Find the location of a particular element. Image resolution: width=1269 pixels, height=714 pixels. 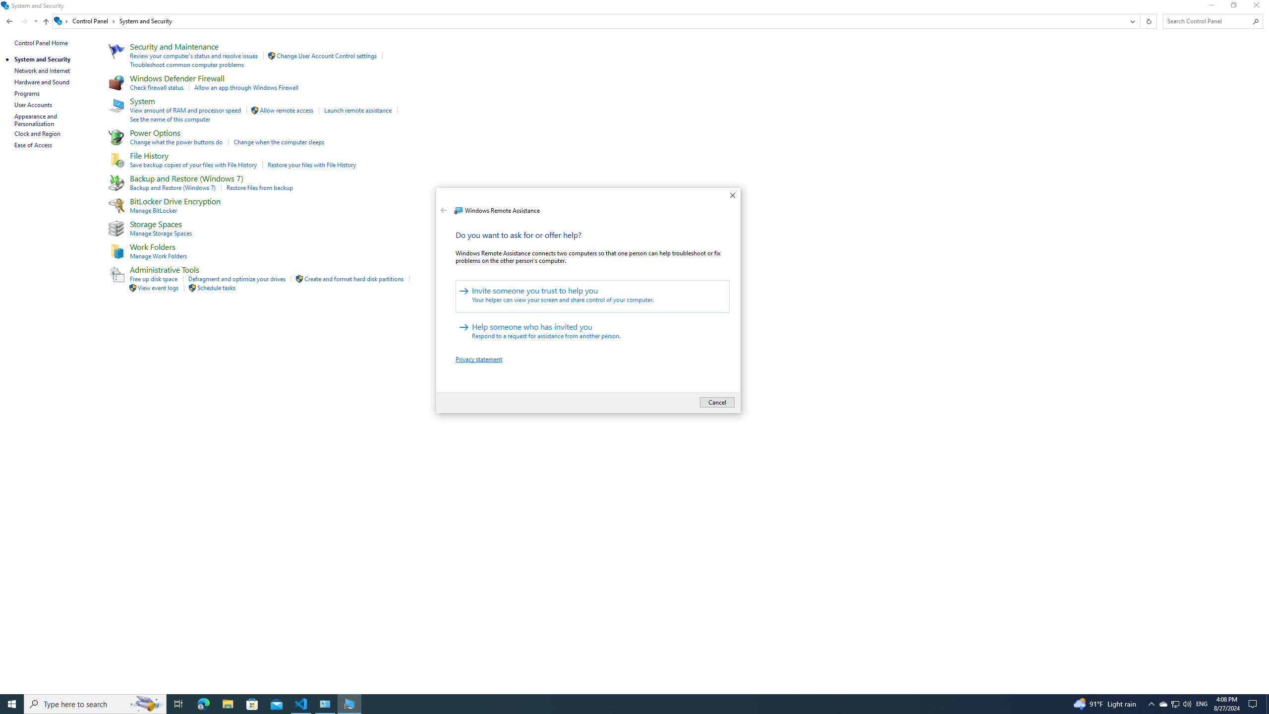

'Privacy statement' is located at coordinates (479, 358).